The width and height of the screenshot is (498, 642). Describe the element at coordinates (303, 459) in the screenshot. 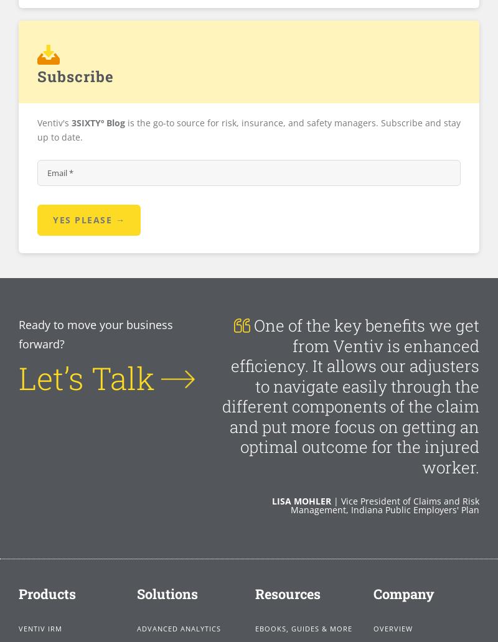

I see `'Ric Henry'` at that location.